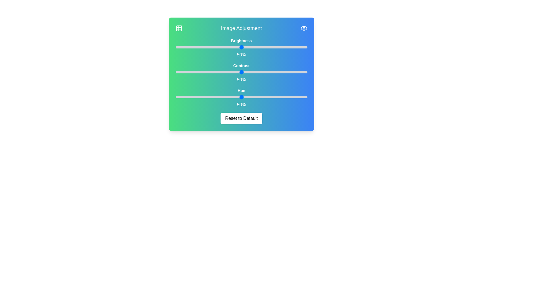 The height and width of the screenshot is (306, 545). What do you see at coordinates (241, 118) in the screenshot?
I see `'Reset to Default' button to reset the image adjustment settings` at bounding box center [241, 118].